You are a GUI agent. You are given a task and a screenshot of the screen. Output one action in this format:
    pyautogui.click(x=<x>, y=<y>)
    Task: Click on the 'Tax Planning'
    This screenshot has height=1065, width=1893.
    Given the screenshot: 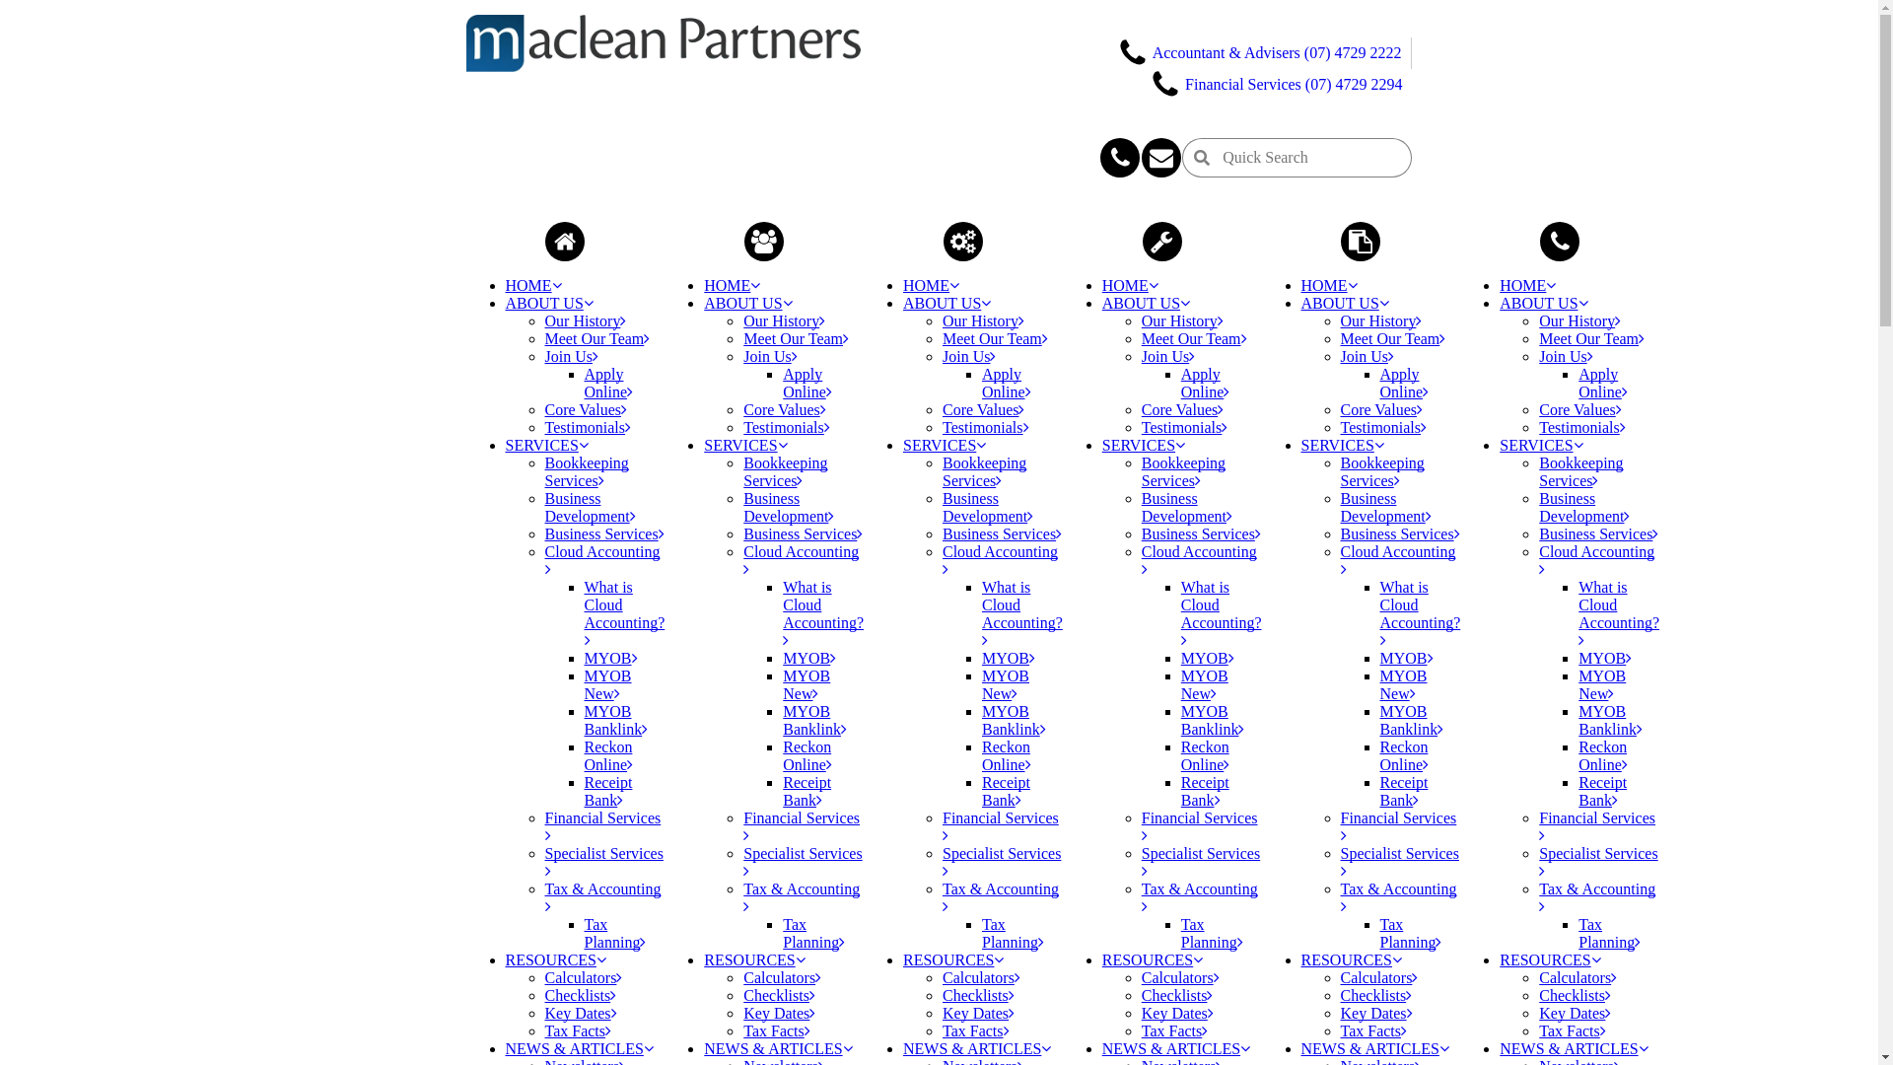 What is the action you would take?
    pyautogui.click(x=1410, y=932)
    